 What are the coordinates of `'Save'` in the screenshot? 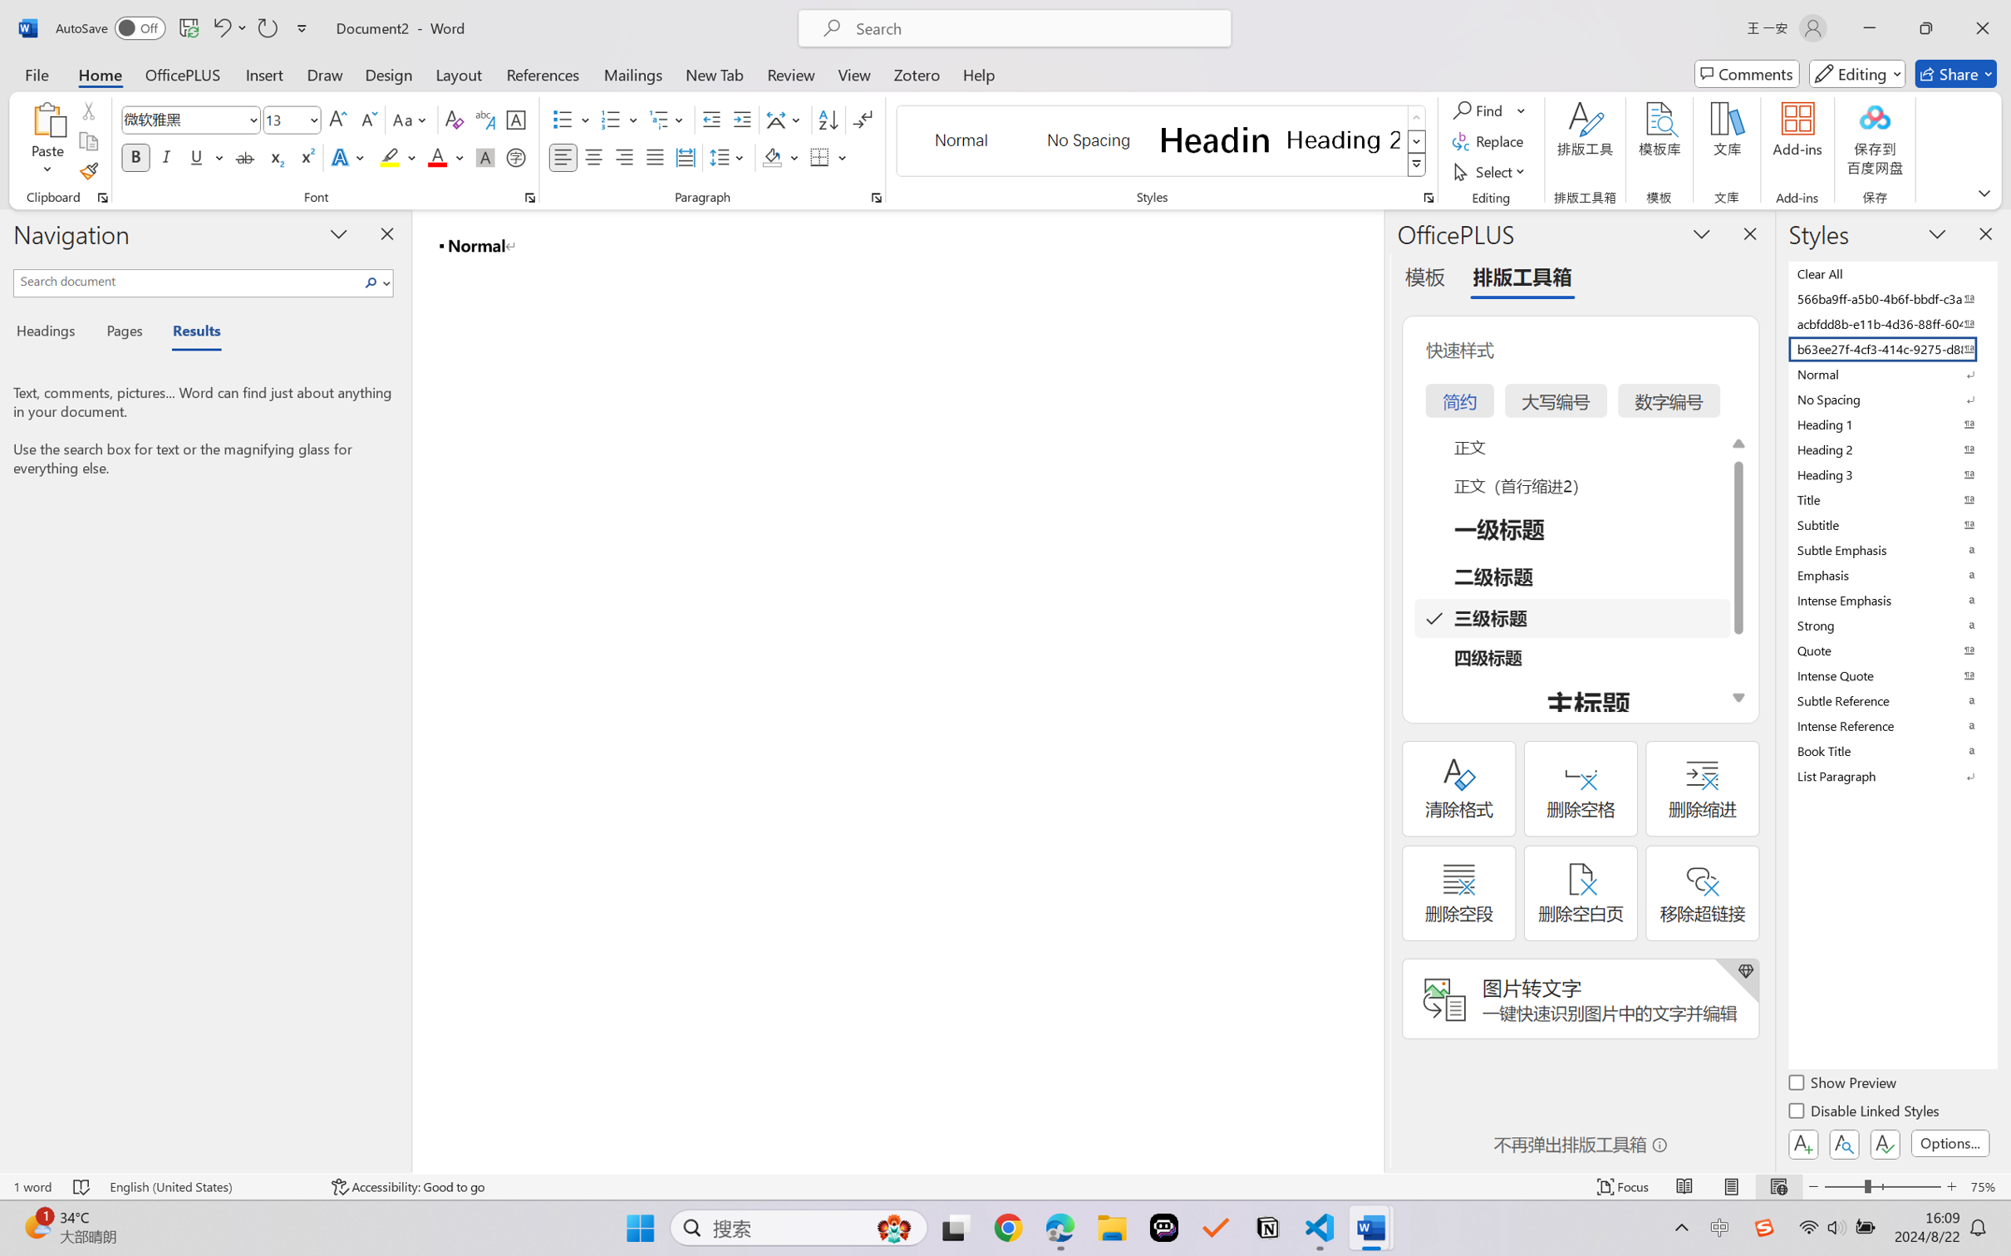 It's located at (188, 27).